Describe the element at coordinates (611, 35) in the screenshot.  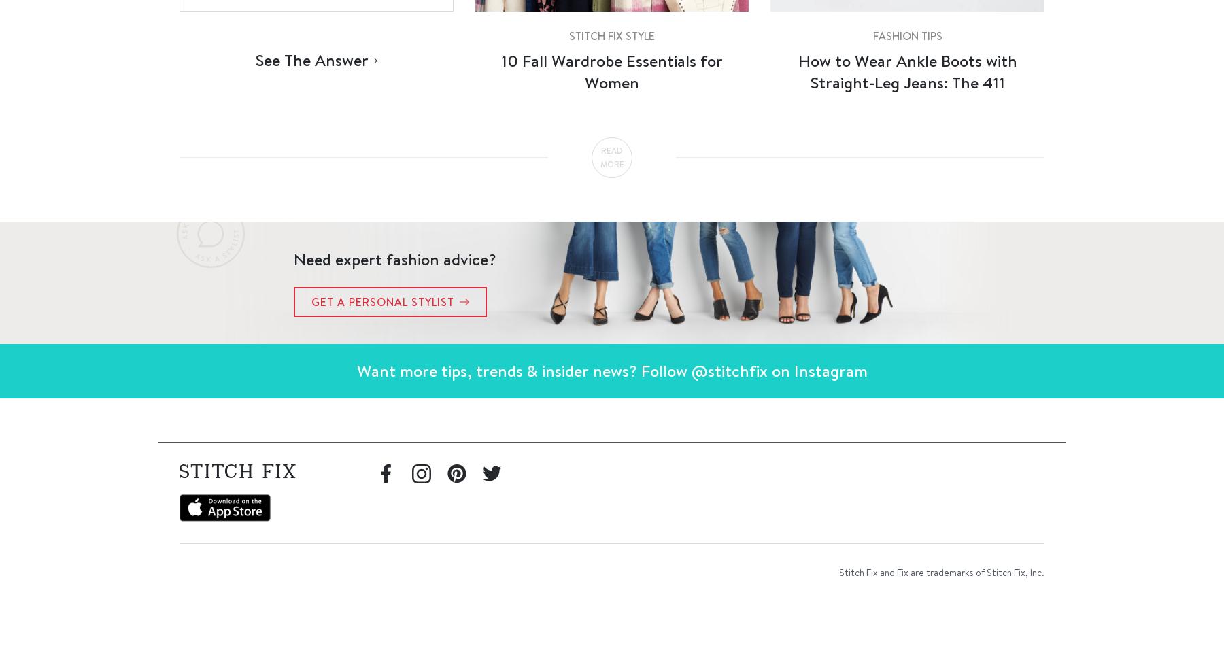
I see `'Stitch Fix Style'` at that location.